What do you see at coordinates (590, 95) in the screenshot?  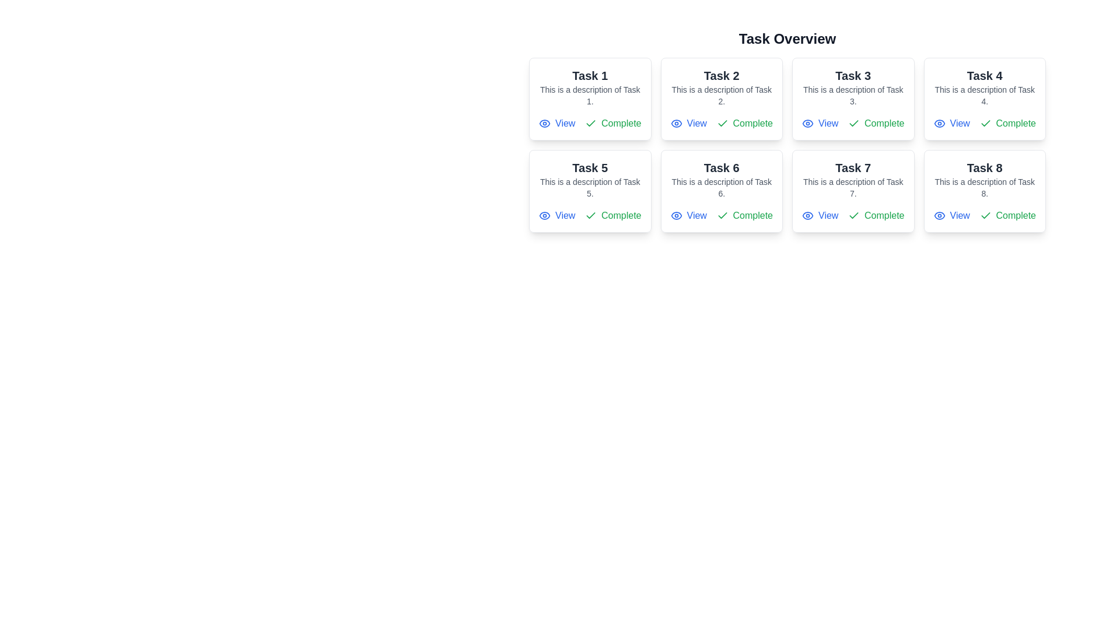 I see `the text component that contains the description 'This is a description of Task 1.' which is located directly below the title 'Task 1.'` at bounding box center [590, 95].